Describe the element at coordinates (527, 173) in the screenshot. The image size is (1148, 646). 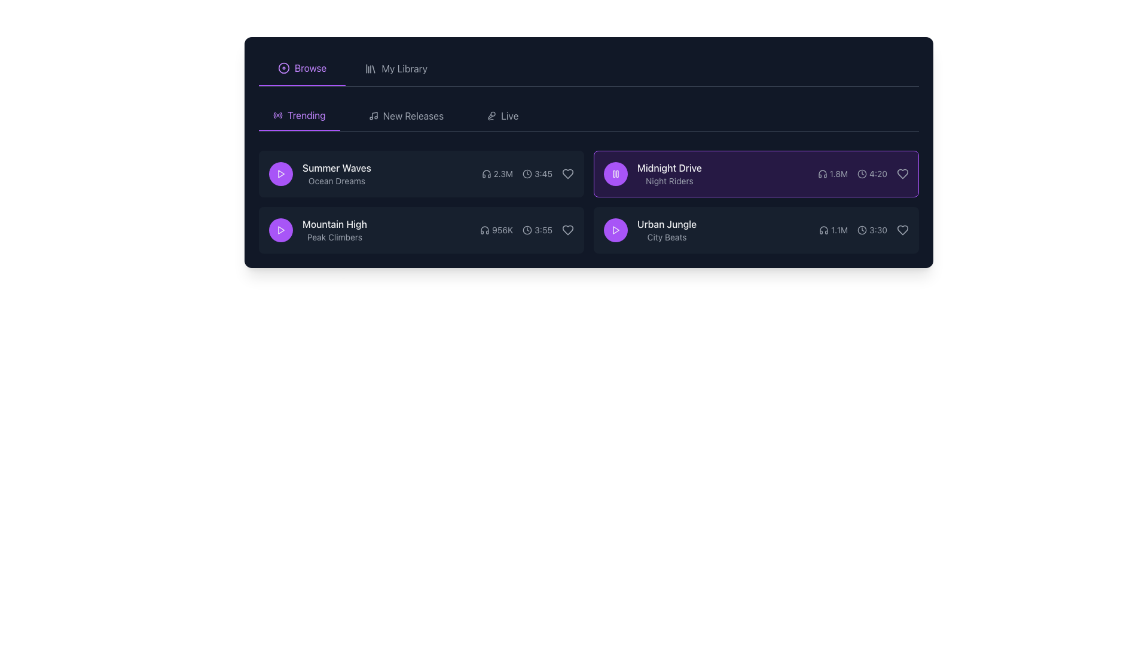
I see `the clock icon located to the left of the song 'Midnight Drive' and its duration` at that location.